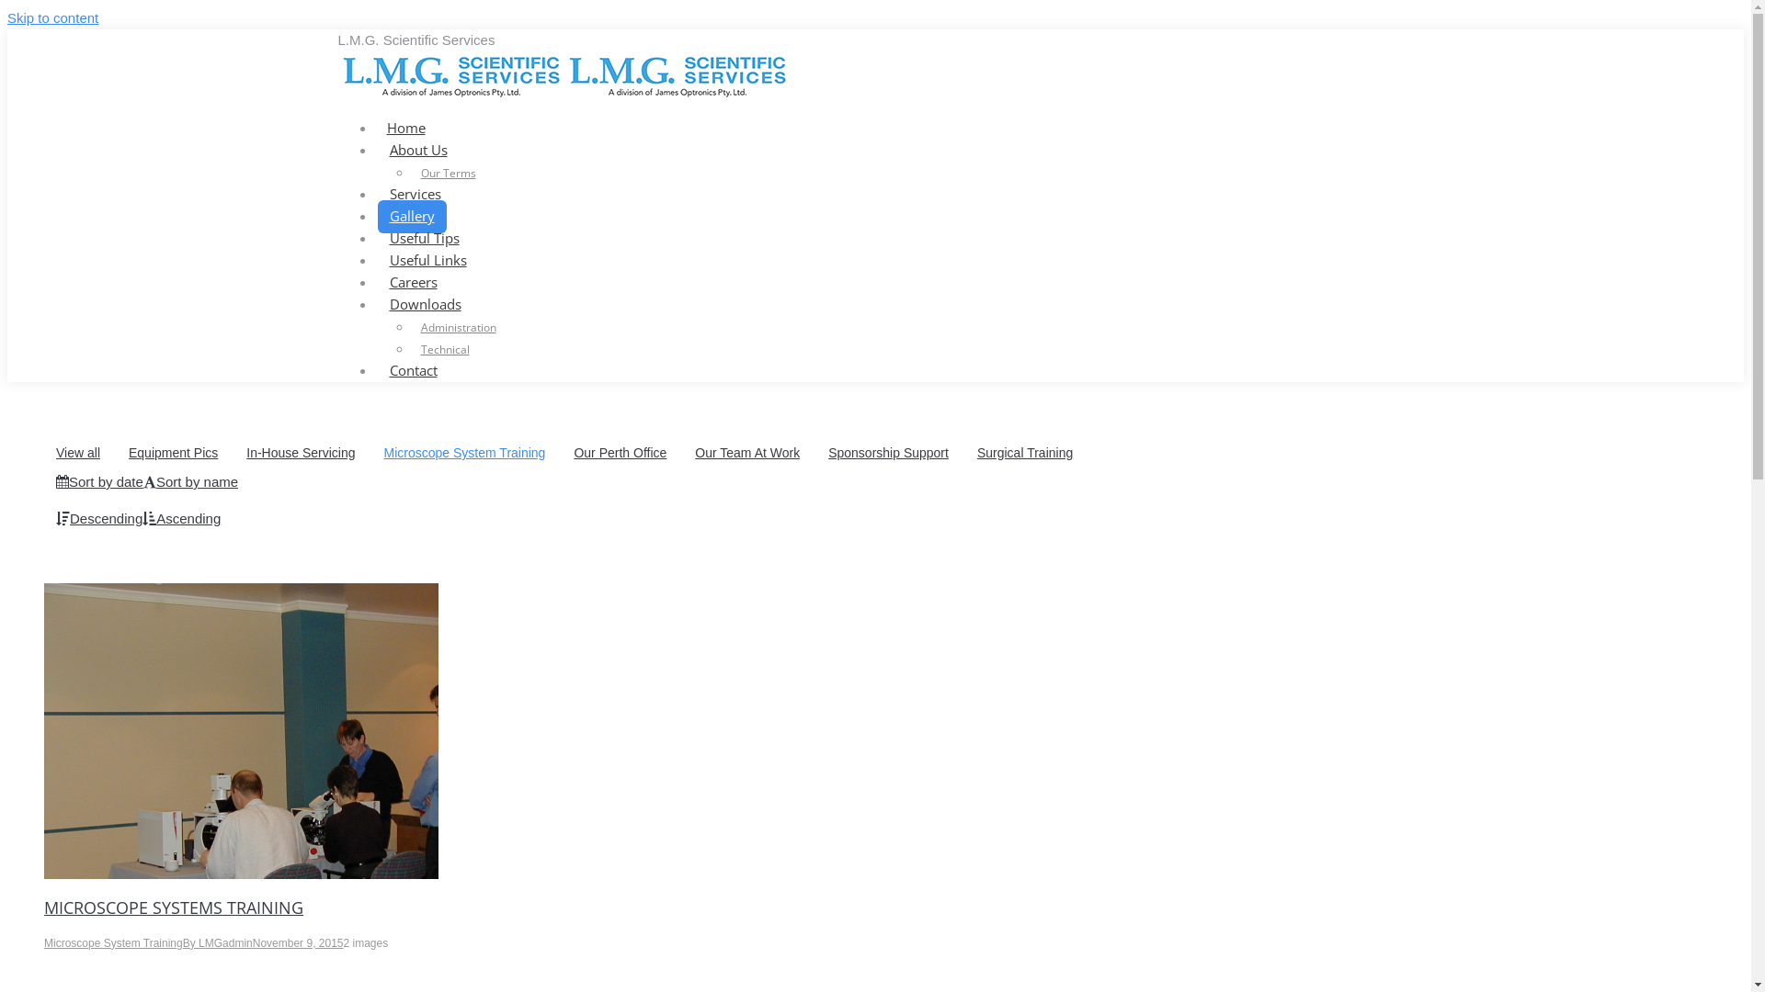 The width and height of the screenshot is (1765, 992). I want to click on 'Microscope System Training', so click(112, 942).